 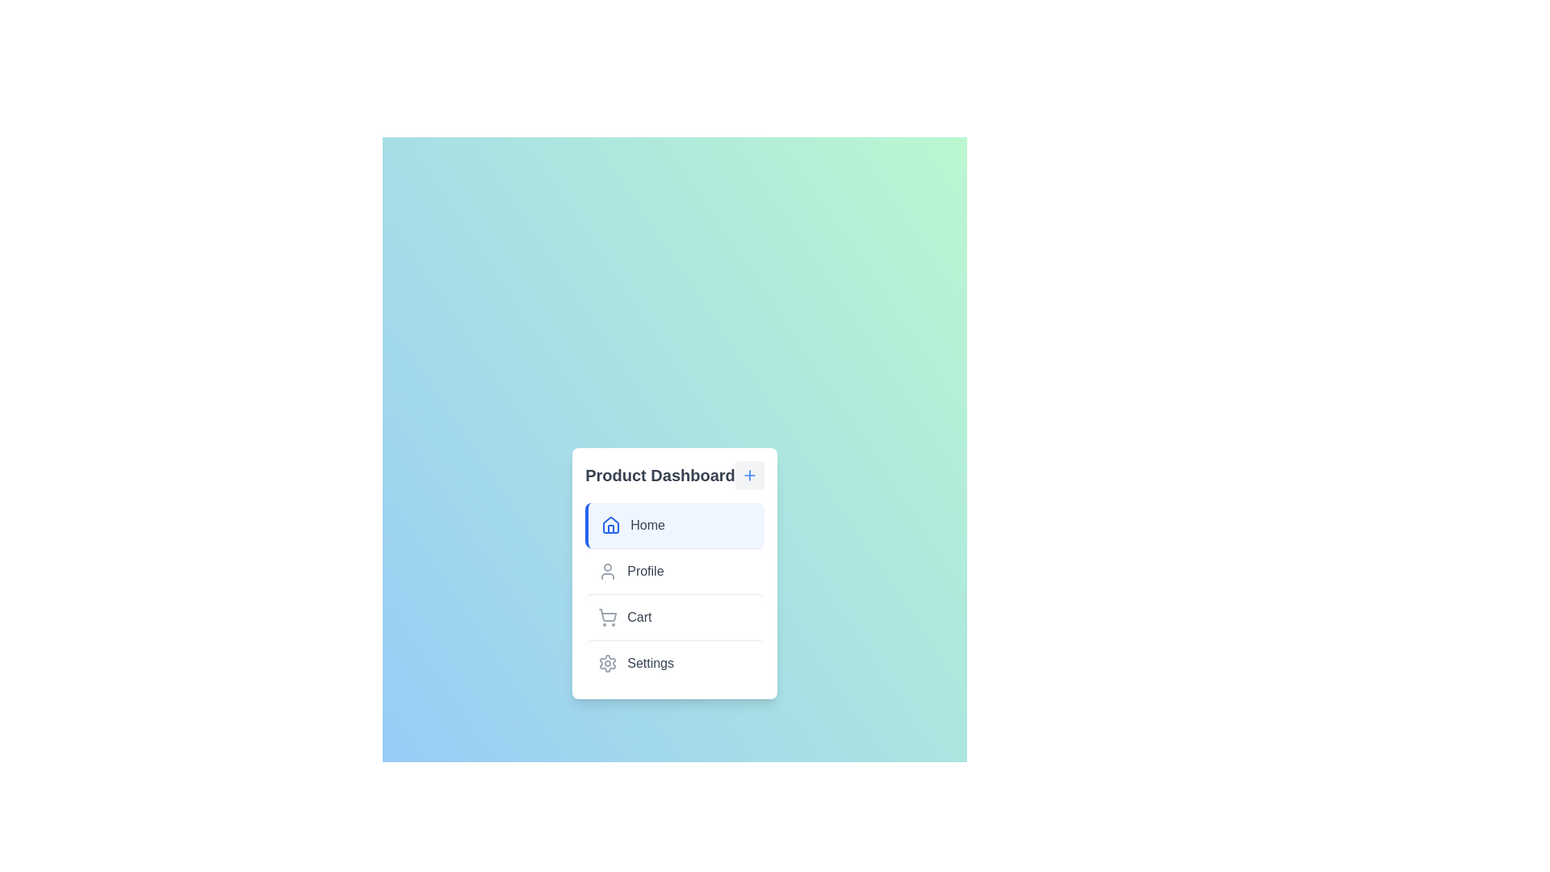 I want to click on the menu item labeled Home to select it, so click(x=674, y=525).